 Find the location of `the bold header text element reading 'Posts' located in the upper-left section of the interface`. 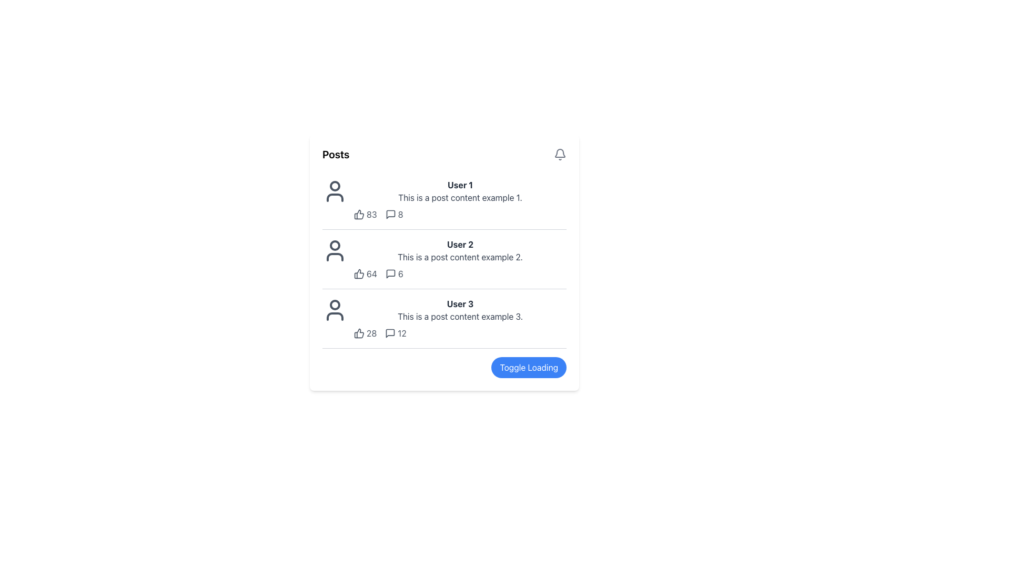

the bold header text element reading 'Posts' located in the upper-left section of the interface is located at coordinates (335, 154).